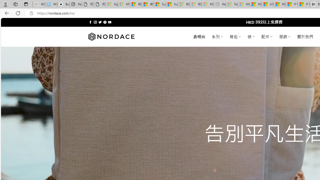 This screenshot has width=320, height=180. Describe the element at coordinates (95, 22) in the screenshot. I see `'Follow on Instagram'` at that location.